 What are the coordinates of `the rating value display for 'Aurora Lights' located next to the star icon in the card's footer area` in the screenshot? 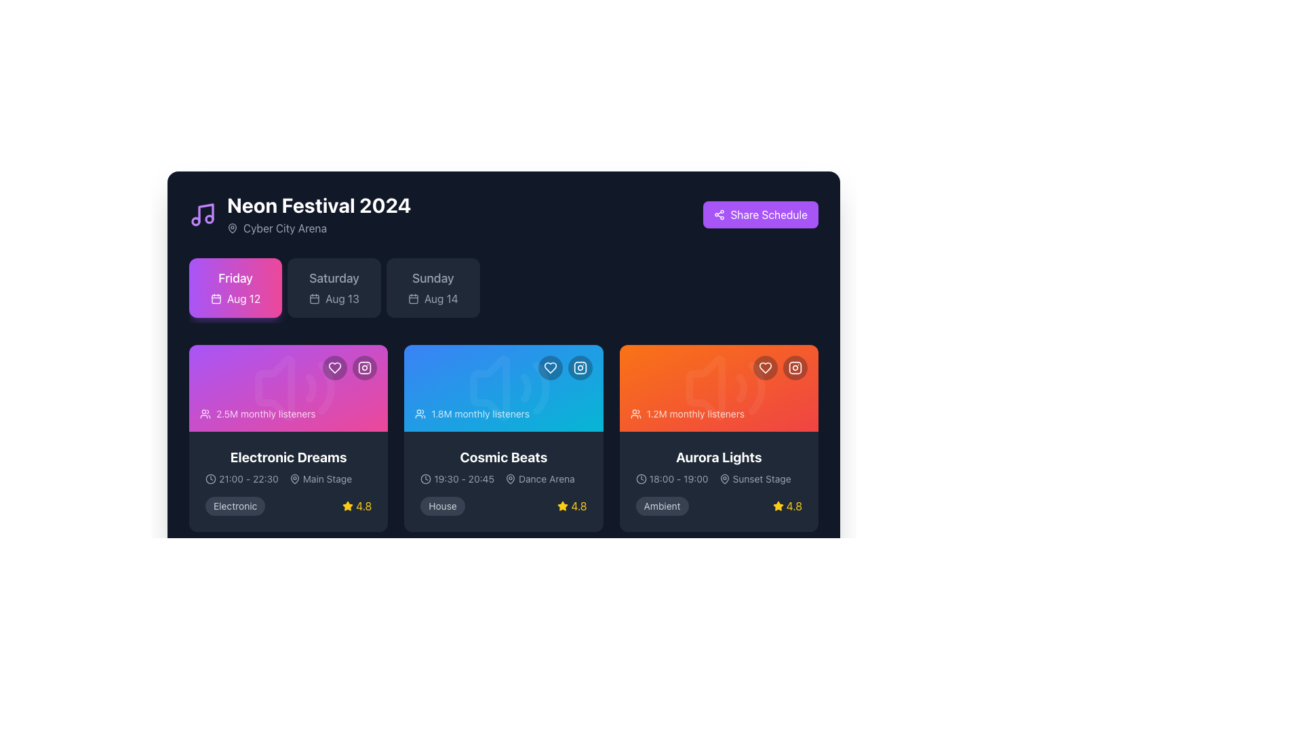 It's located at (794, 506).